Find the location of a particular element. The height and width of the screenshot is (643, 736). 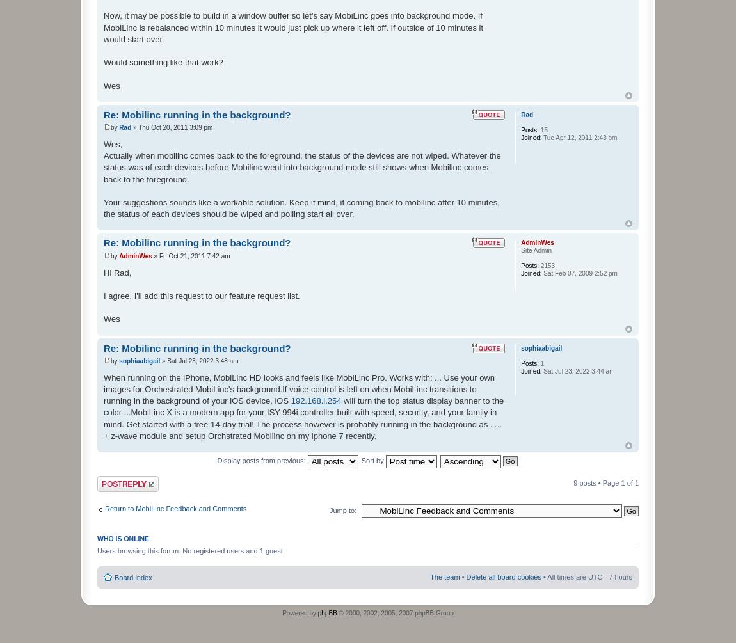

'Sat Jul 23, 2022 3:44 am' is located at coordinates (577, 370).